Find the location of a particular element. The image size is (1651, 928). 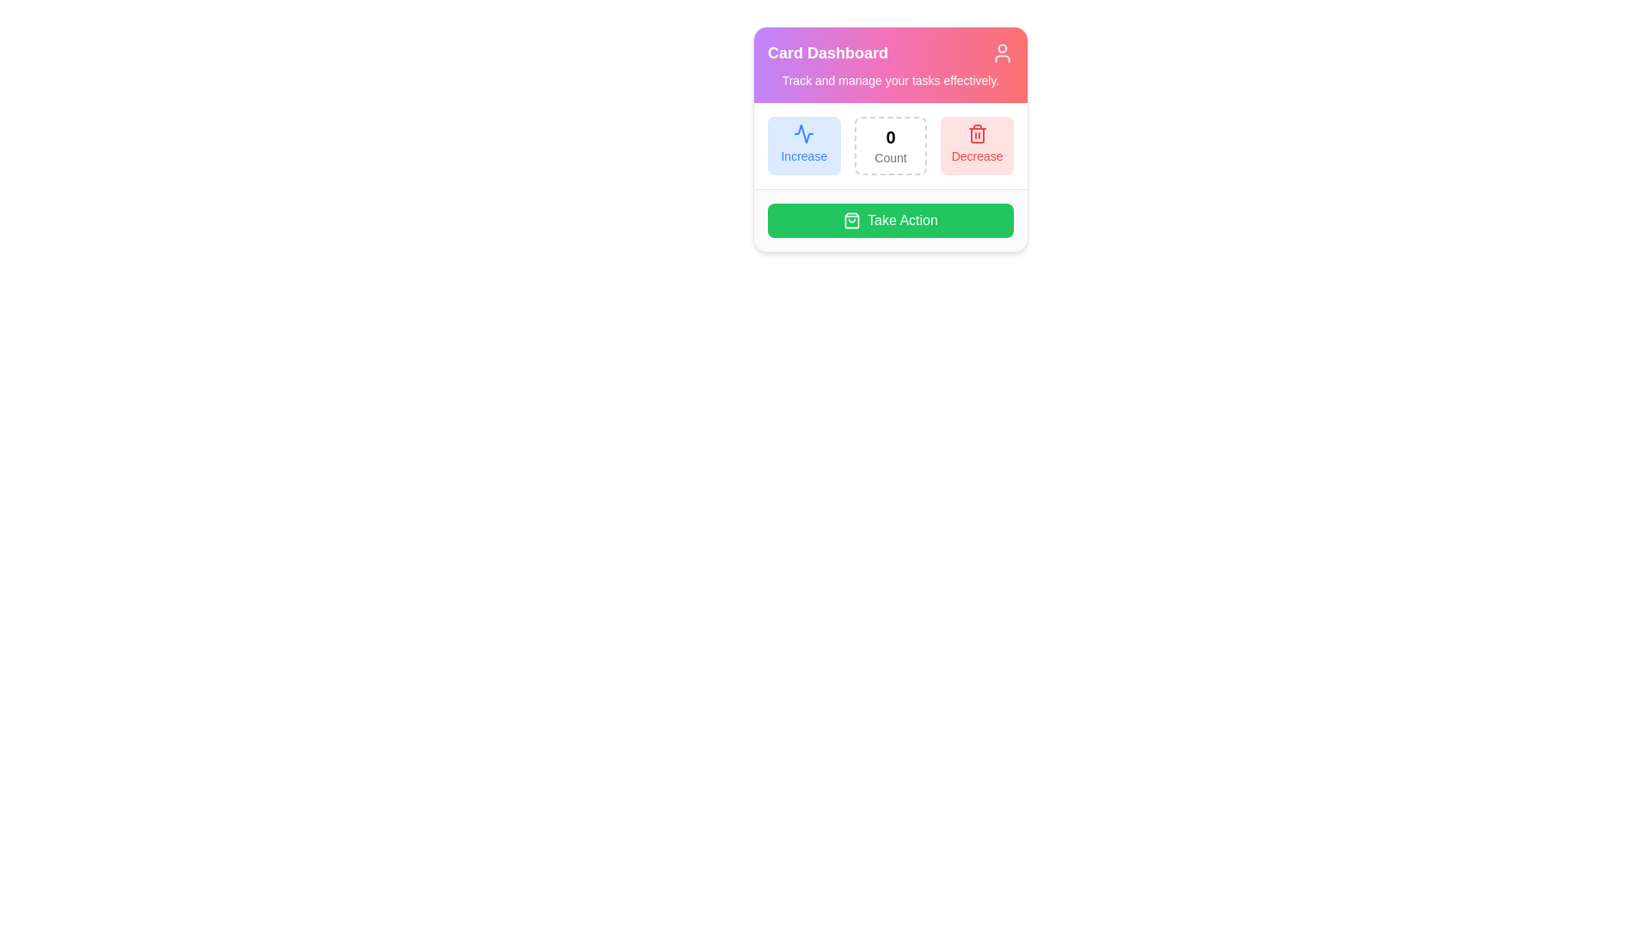

the 'Increase' button located in the top row of action buttons on the card dashboard is located at coordinates (803, 144).